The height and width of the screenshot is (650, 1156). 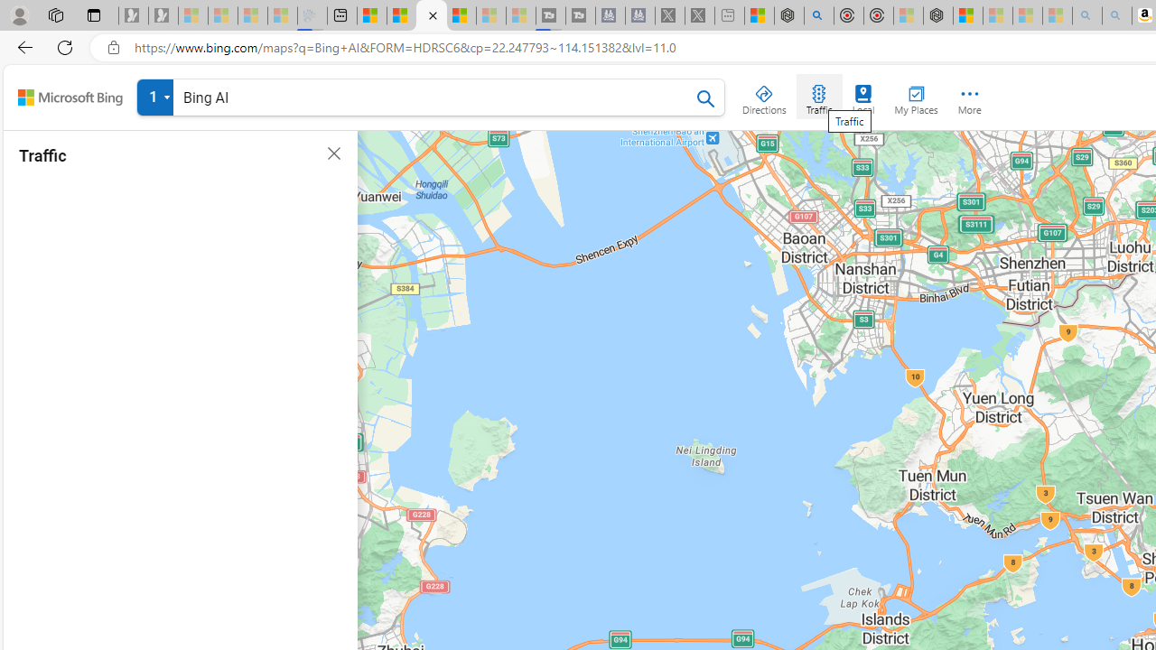 I want to click on 'Local', so click(x=862, y=96).